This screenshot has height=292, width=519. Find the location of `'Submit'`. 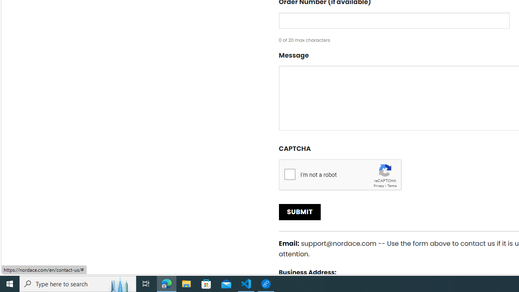

'Submit' is located at coordinates (299, 212).